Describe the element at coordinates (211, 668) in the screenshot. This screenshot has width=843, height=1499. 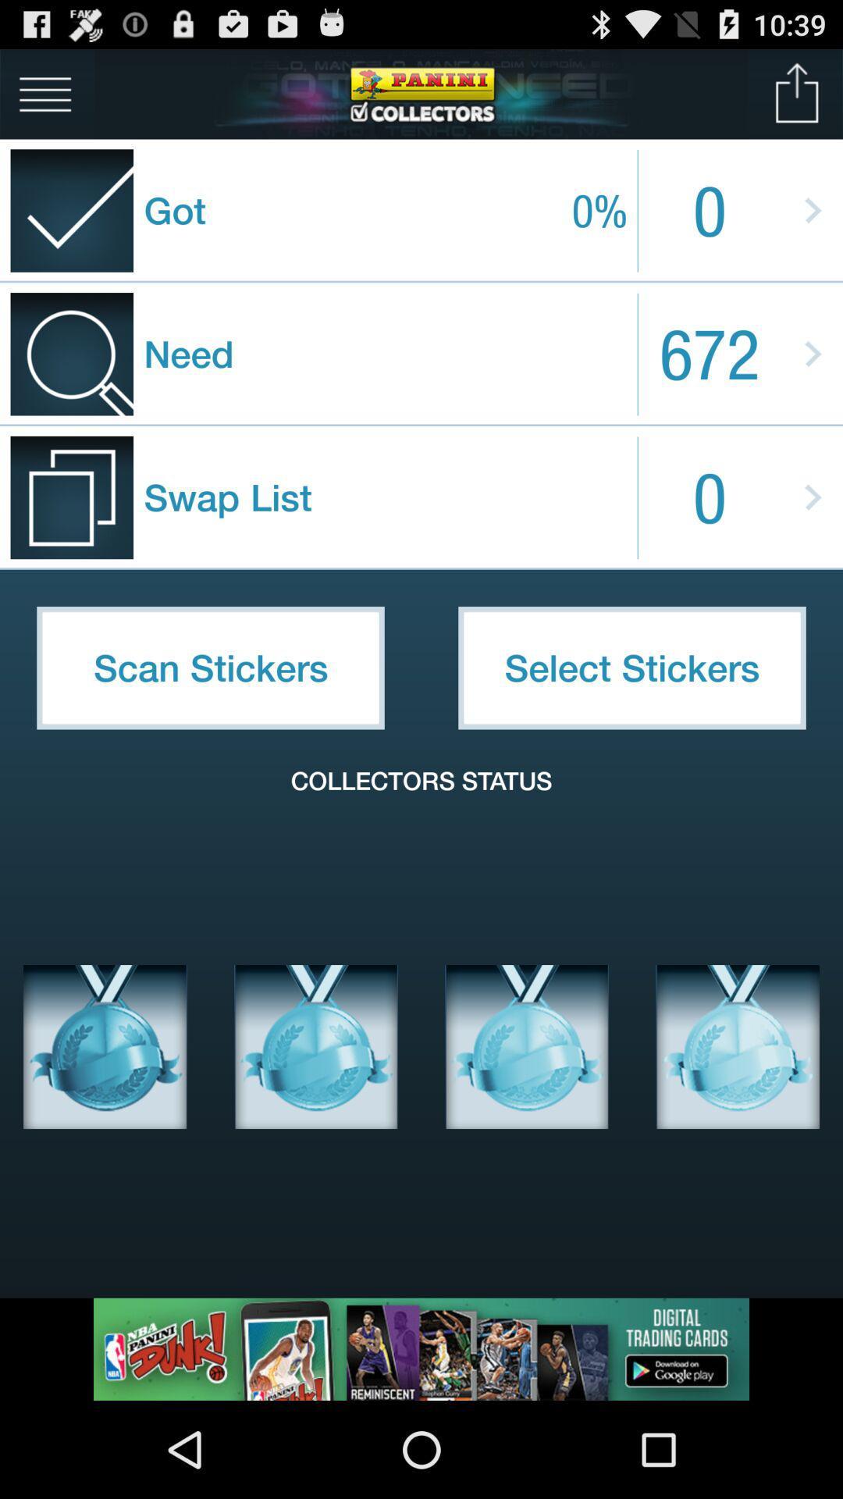
I see `the item on the left` at that location.